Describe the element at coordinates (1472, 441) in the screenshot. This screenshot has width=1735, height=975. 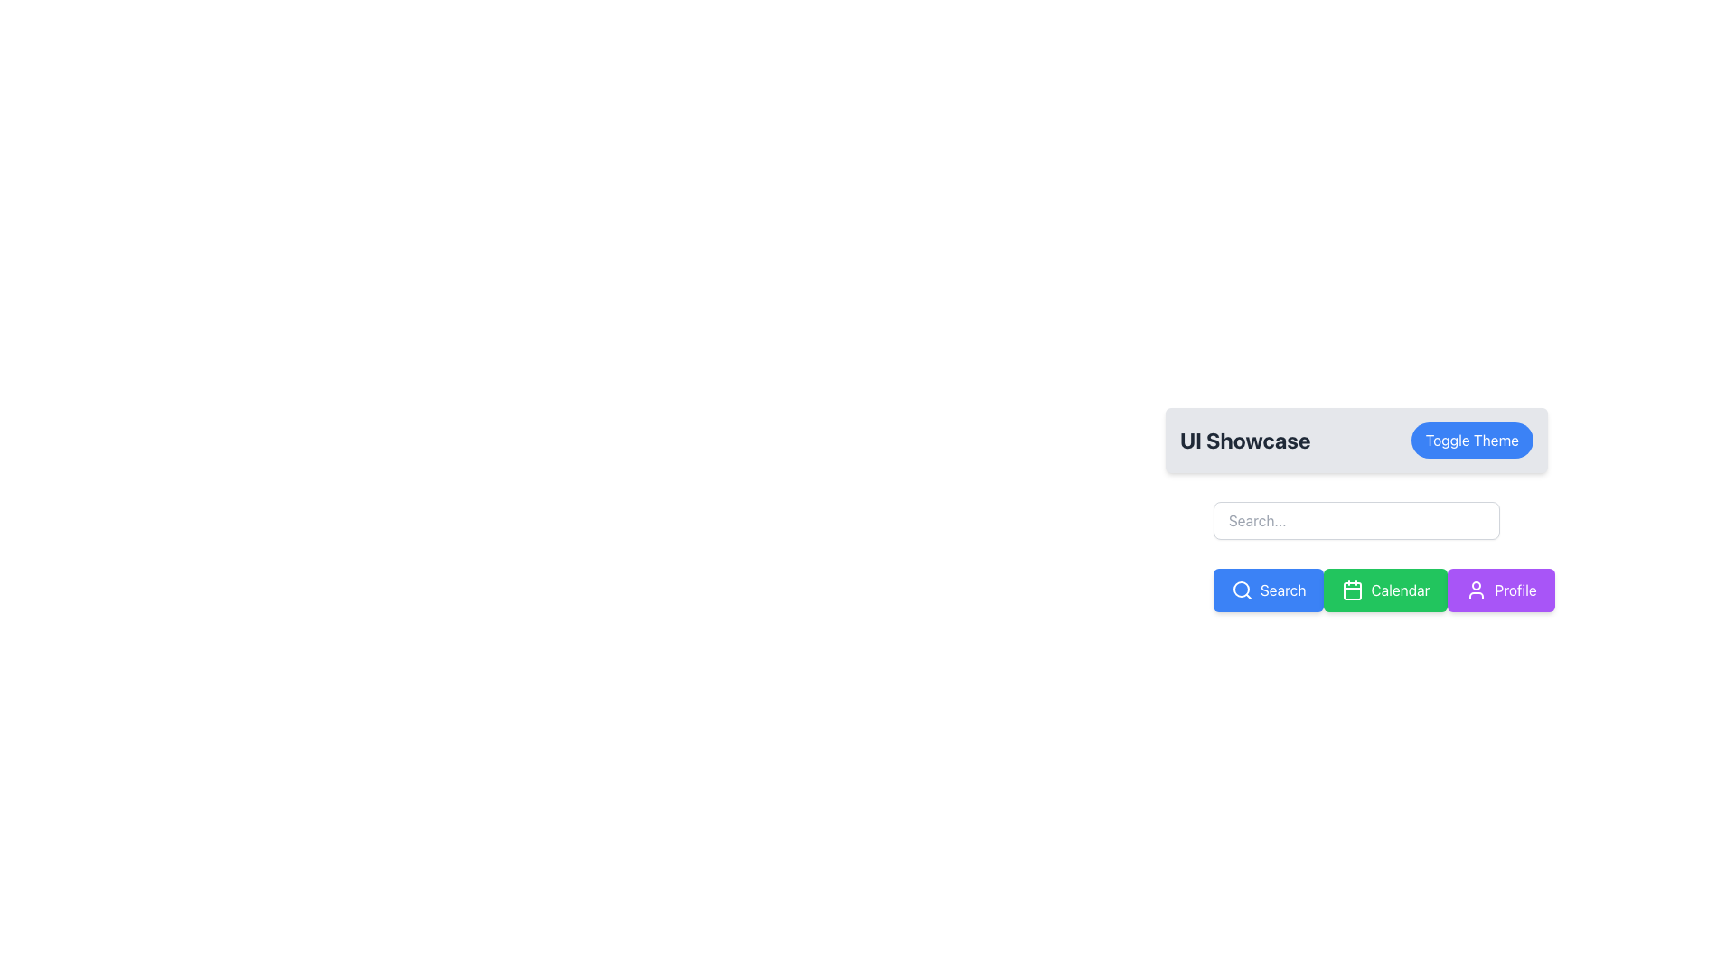
I see `the theme toggle button located in the header section of the 'UI Showcase' component to switch between light and dark modes` at that location.